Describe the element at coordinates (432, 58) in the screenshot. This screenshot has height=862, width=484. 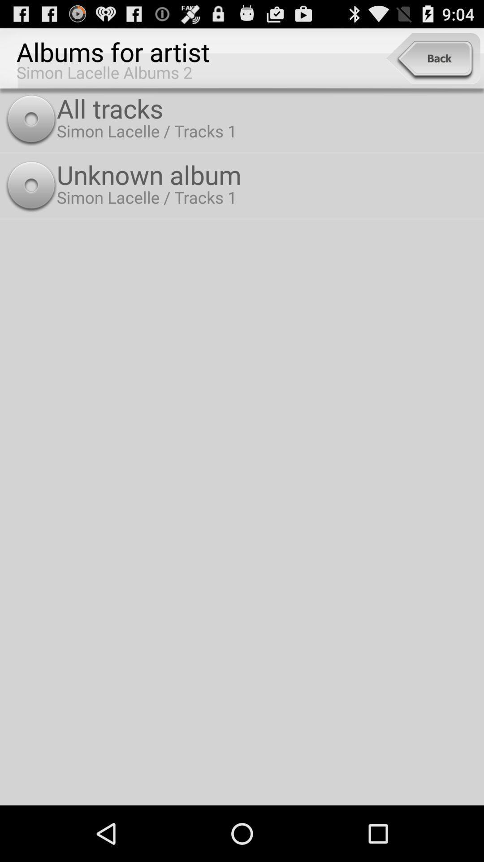
I see `the item above all tracks item` at that location.